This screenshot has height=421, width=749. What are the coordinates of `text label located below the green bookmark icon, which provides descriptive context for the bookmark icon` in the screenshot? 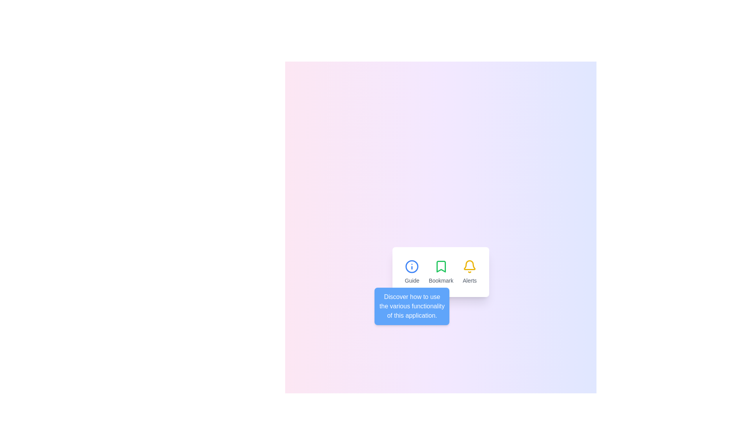 It's located at (441, 281).